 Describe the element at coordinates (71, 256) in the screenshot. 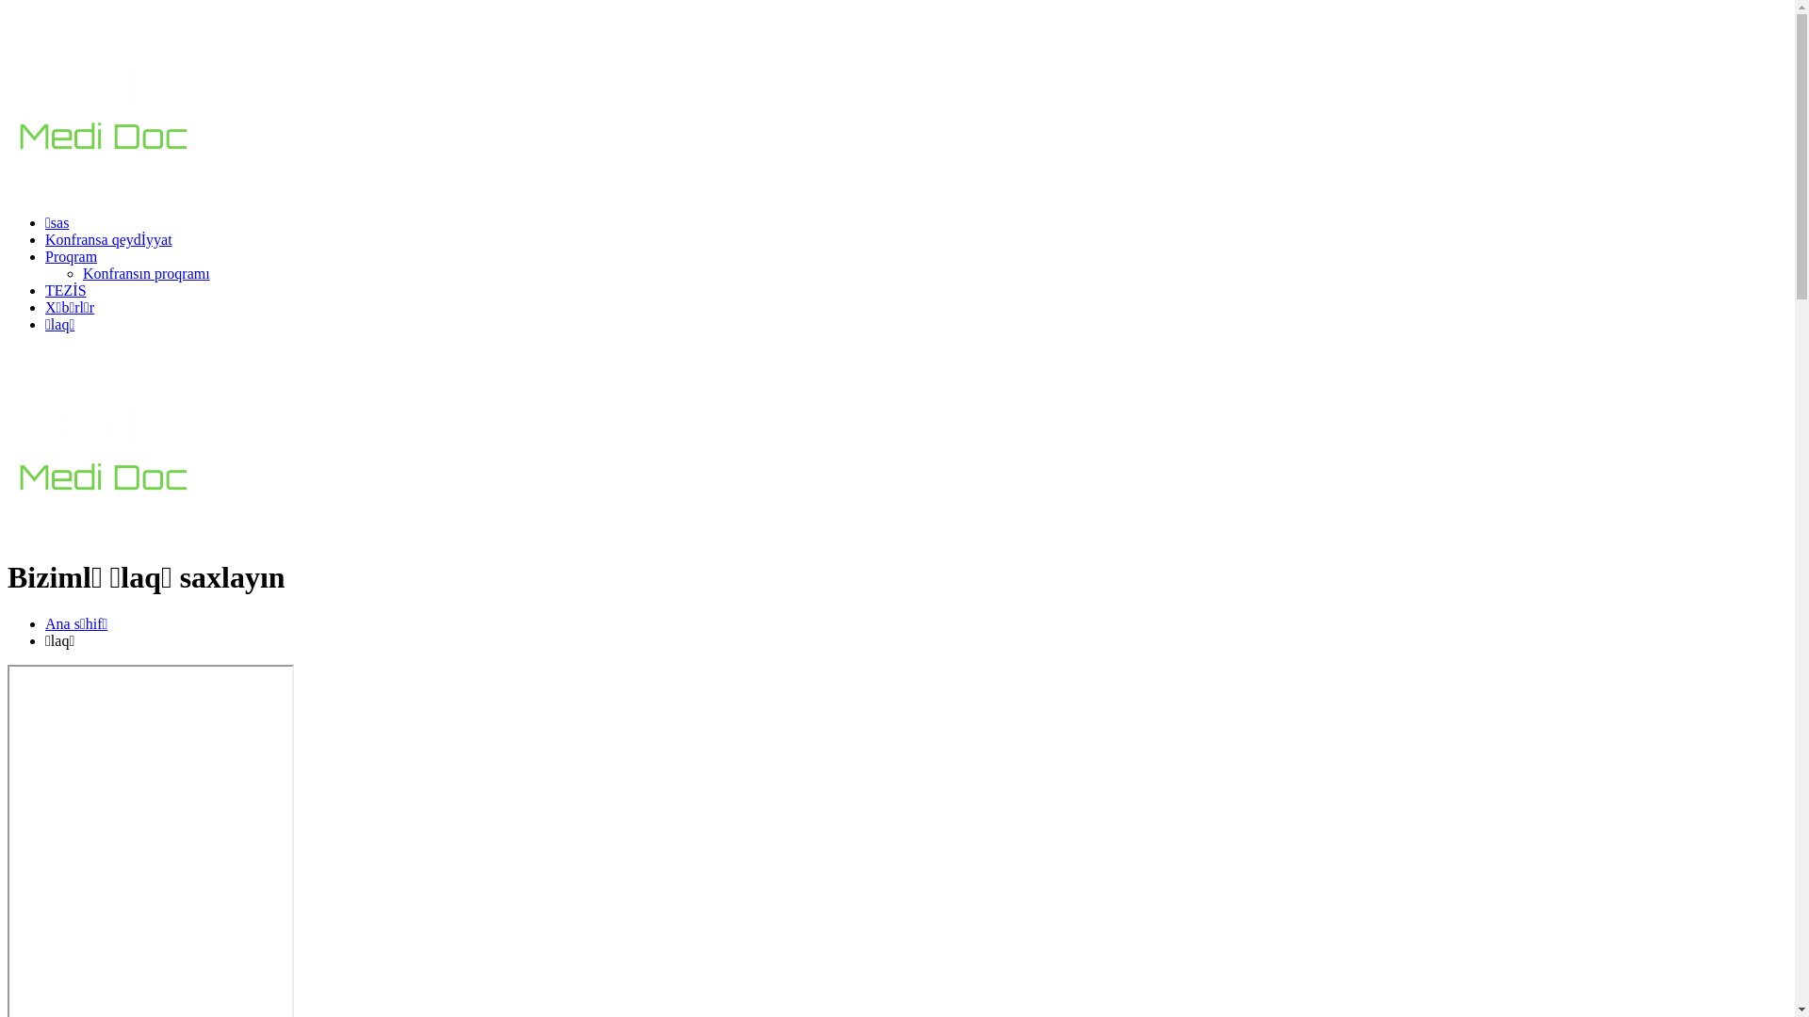

I see `'Proqram'` at that location.